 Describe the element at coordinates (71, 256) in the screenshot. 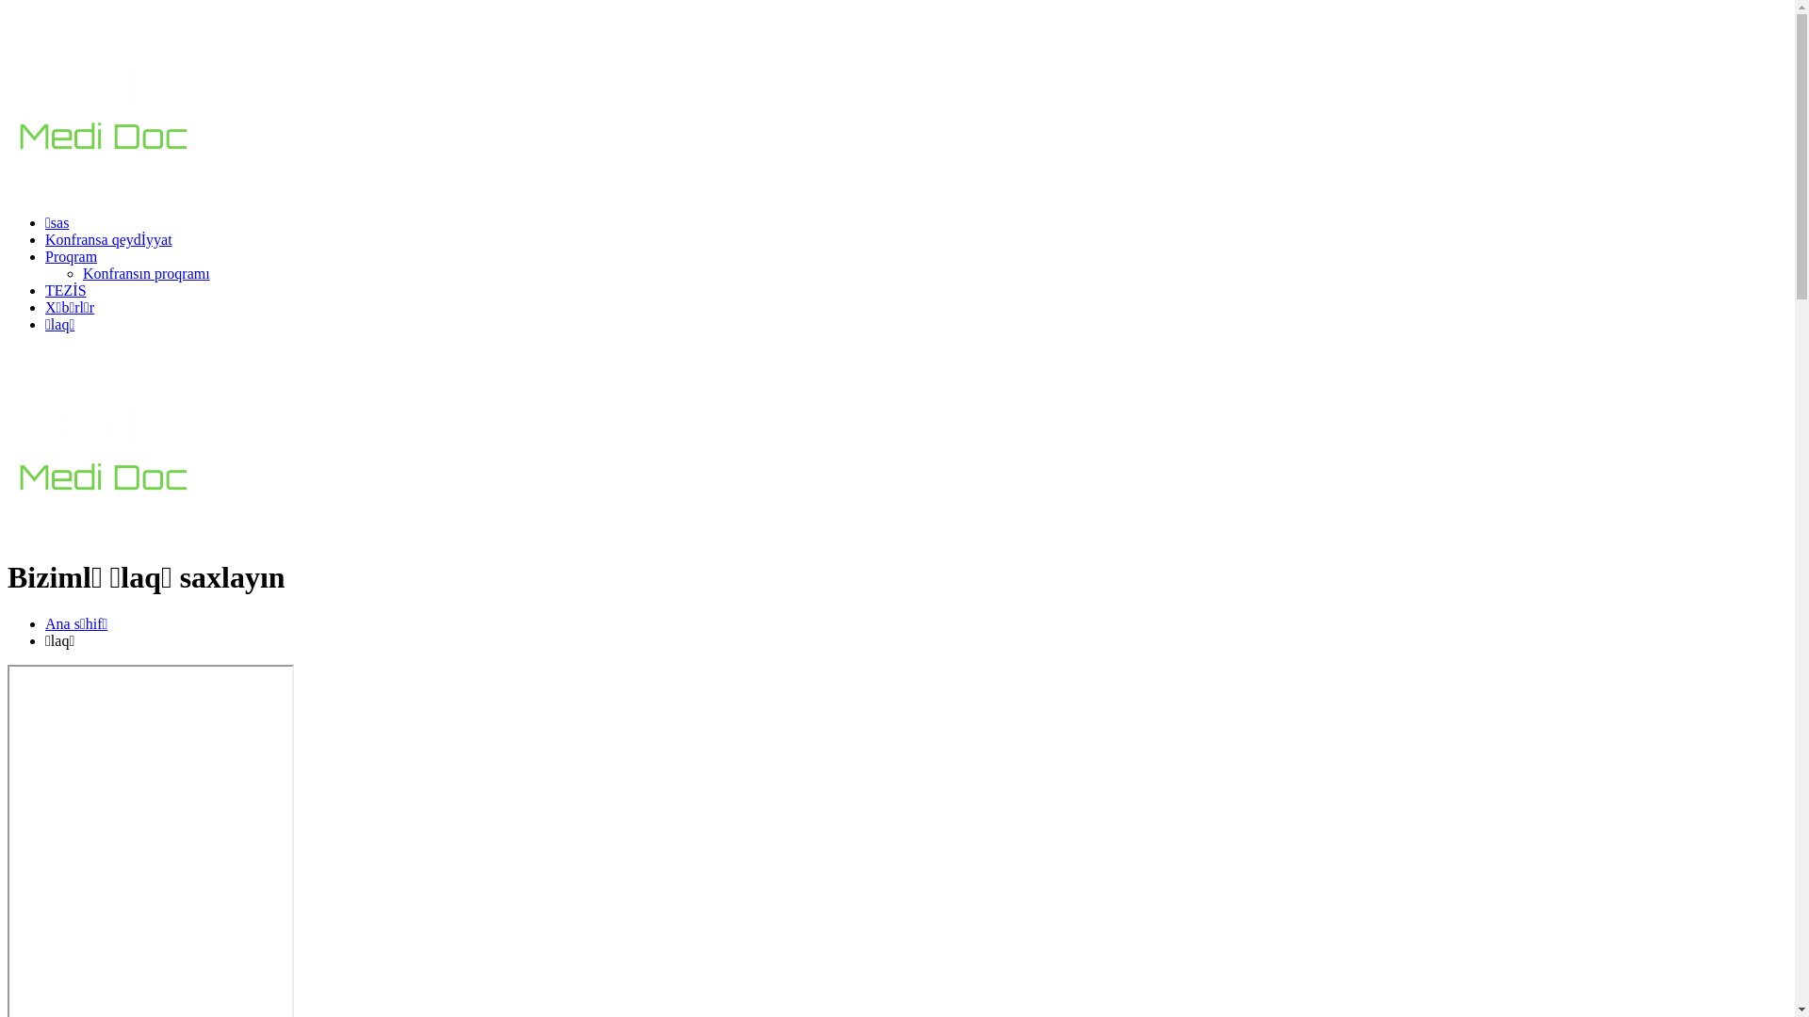

I see `'Proqram'` at that location.